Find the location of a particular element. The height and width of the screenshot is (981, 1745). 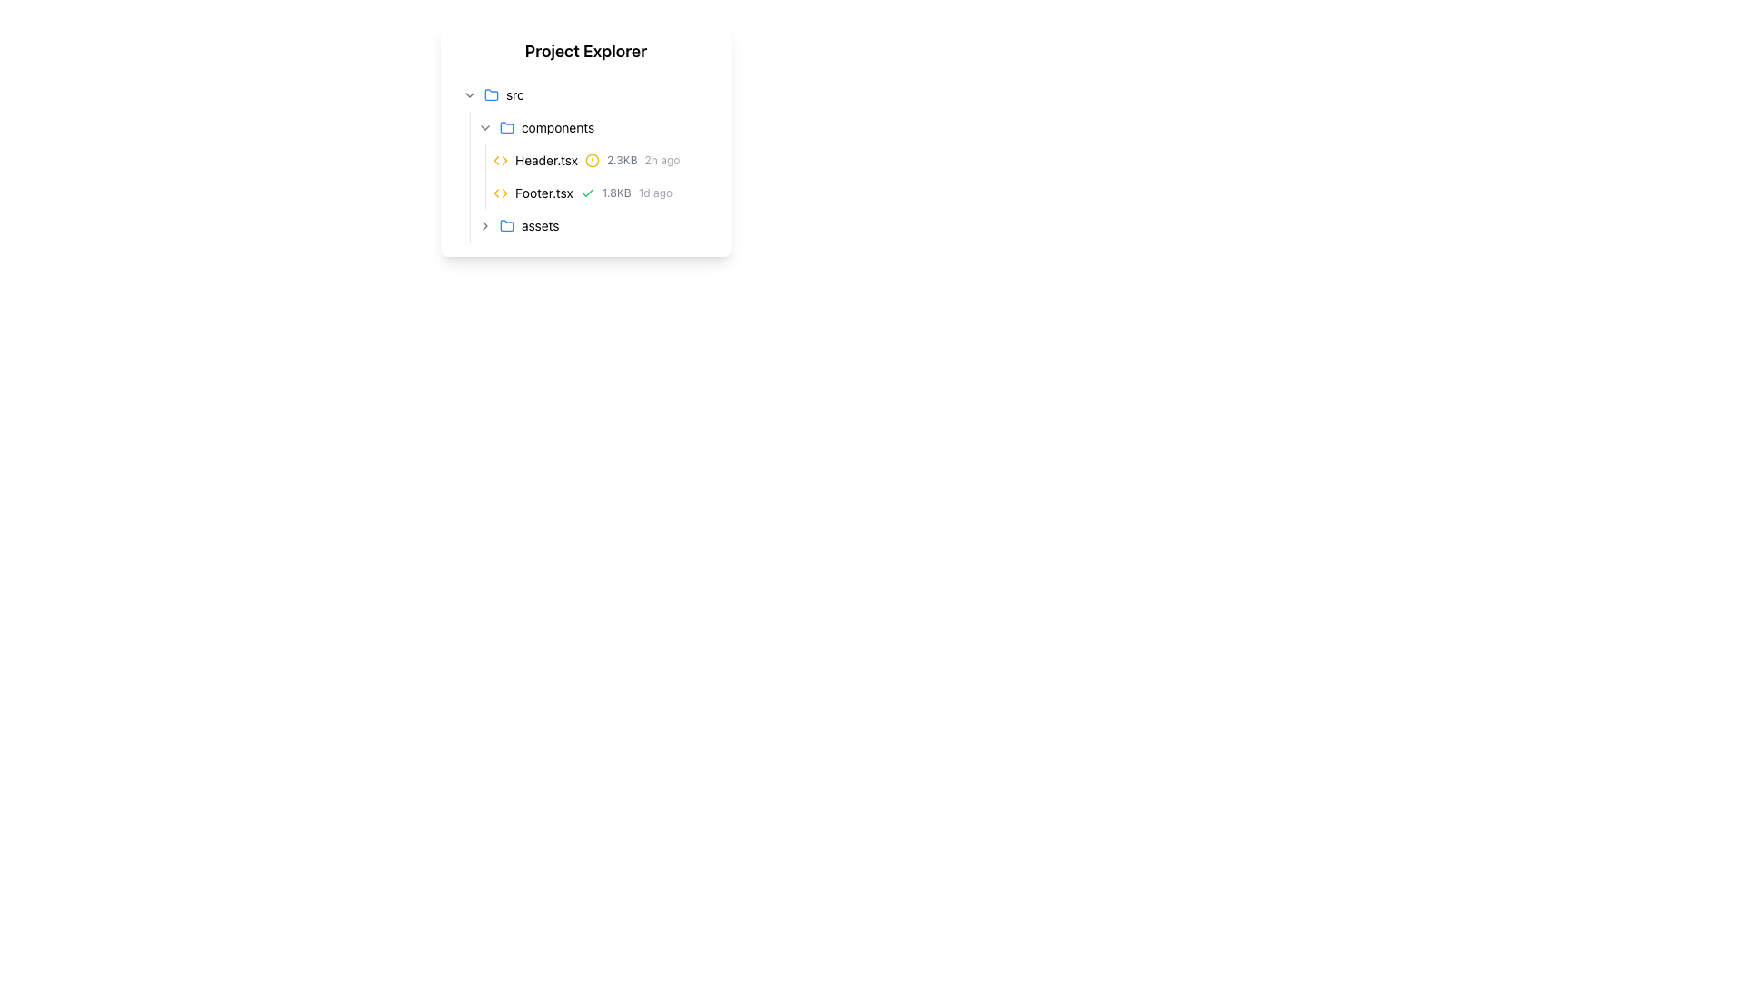

the folder icon representing the 'assets' directory in the project explorer is located at coordinates (506, 223).